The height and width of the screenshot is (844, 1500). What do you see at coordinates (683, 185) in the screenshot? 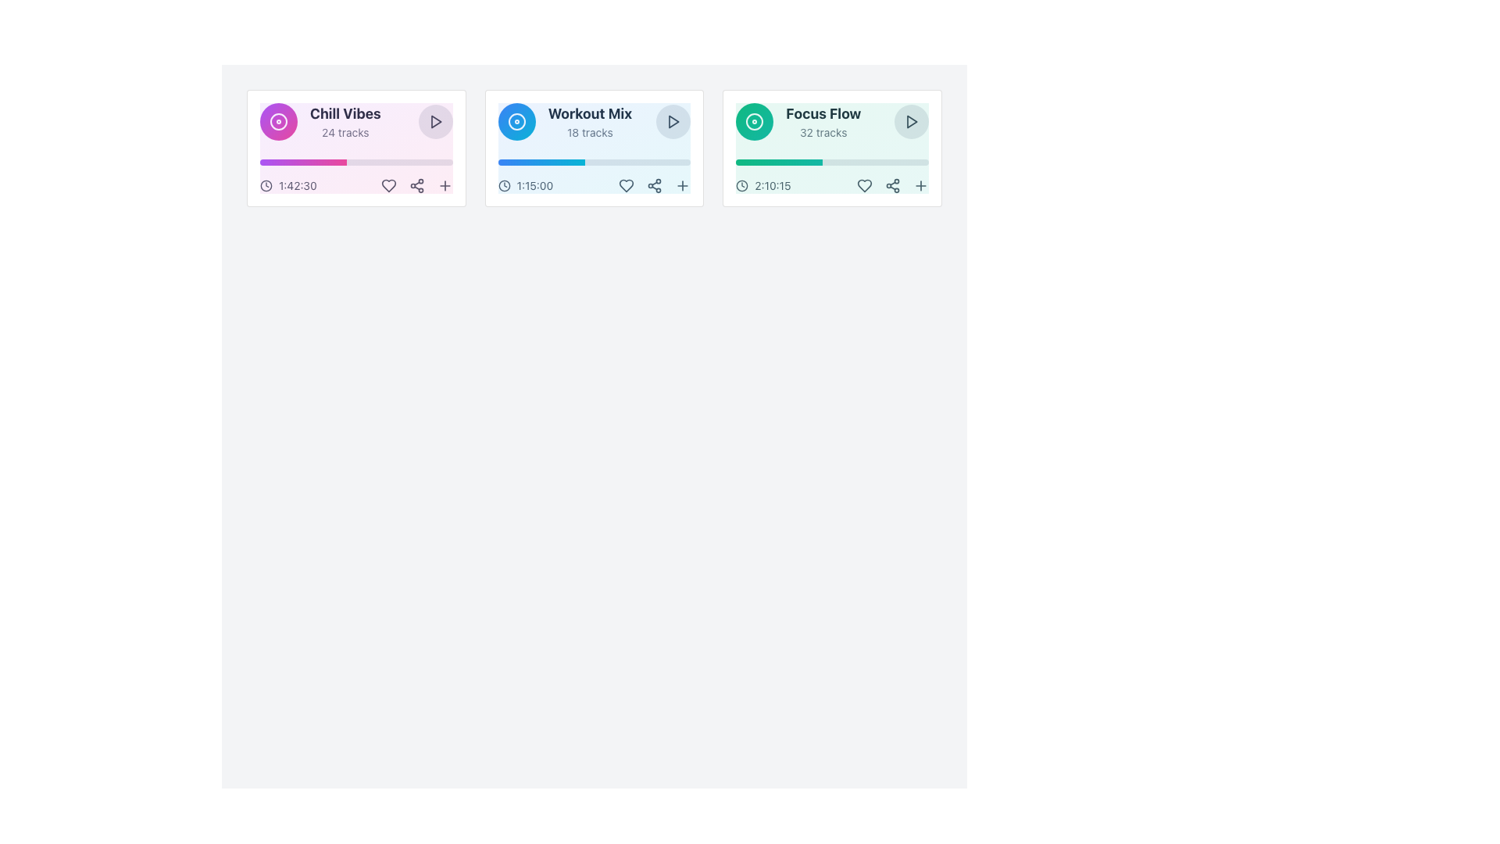
I see `the action button located at the bottom-right corner of the 'Workout Mix' card` at bounding box center [683, 185].